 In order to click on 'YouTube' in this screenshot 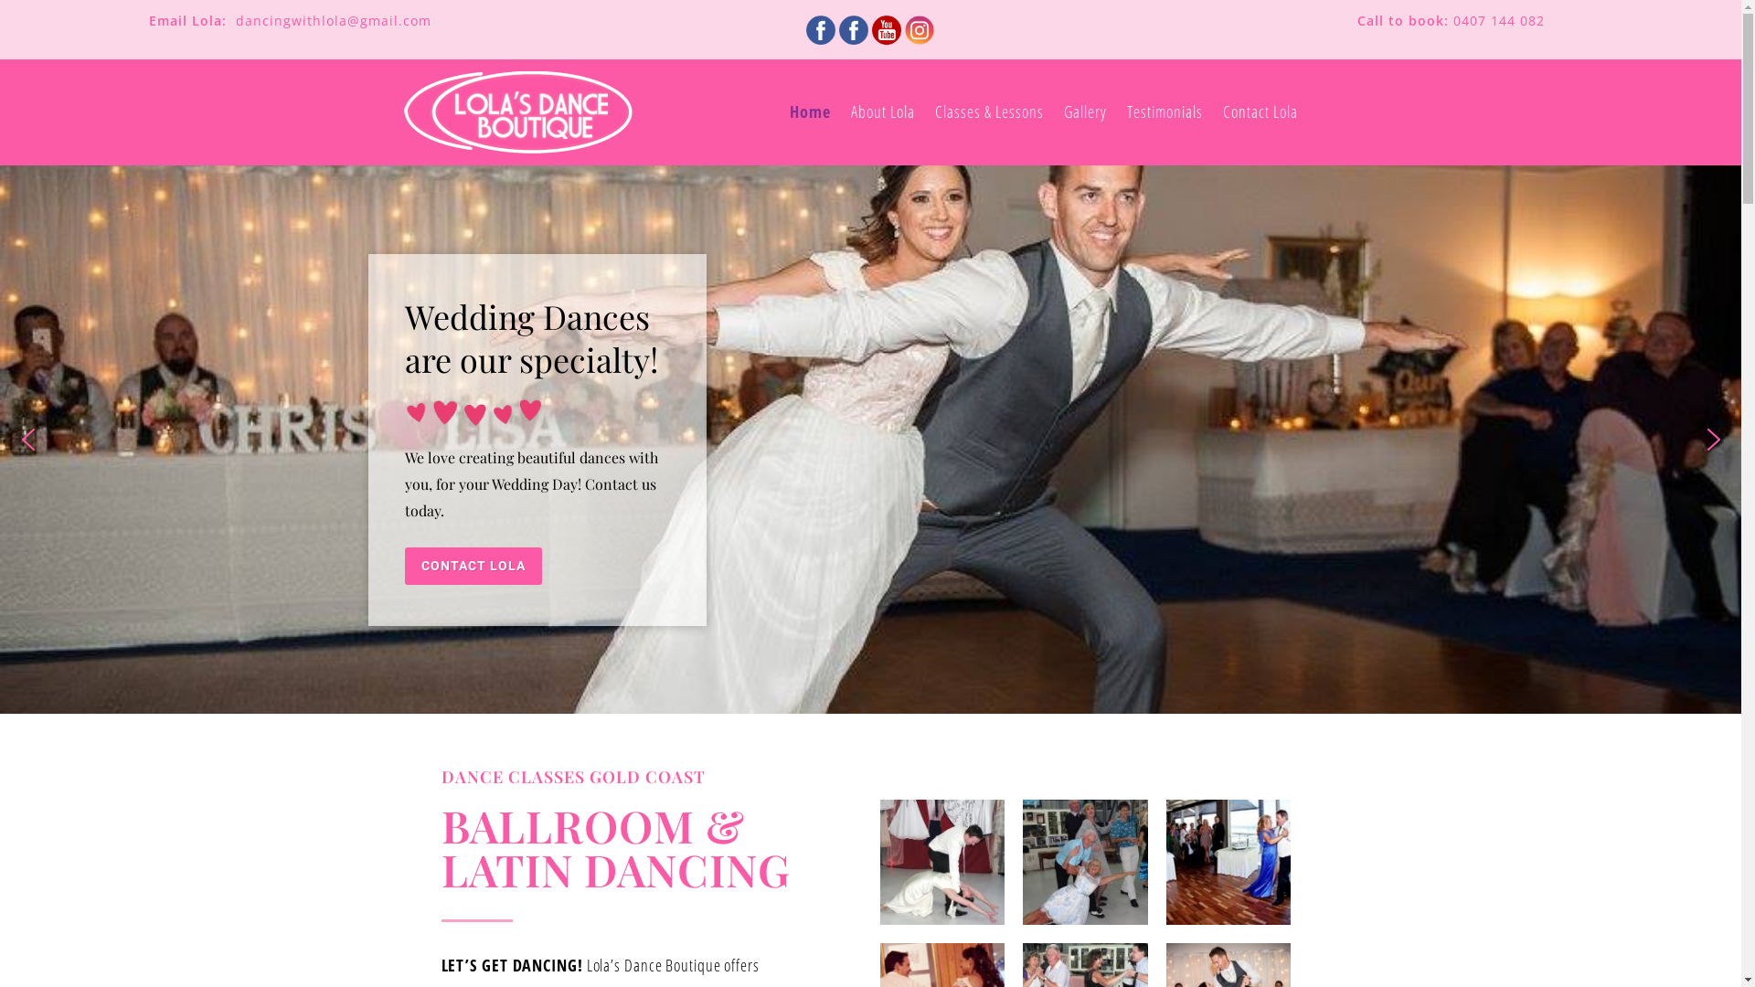, I will do `click(886, 30)`.